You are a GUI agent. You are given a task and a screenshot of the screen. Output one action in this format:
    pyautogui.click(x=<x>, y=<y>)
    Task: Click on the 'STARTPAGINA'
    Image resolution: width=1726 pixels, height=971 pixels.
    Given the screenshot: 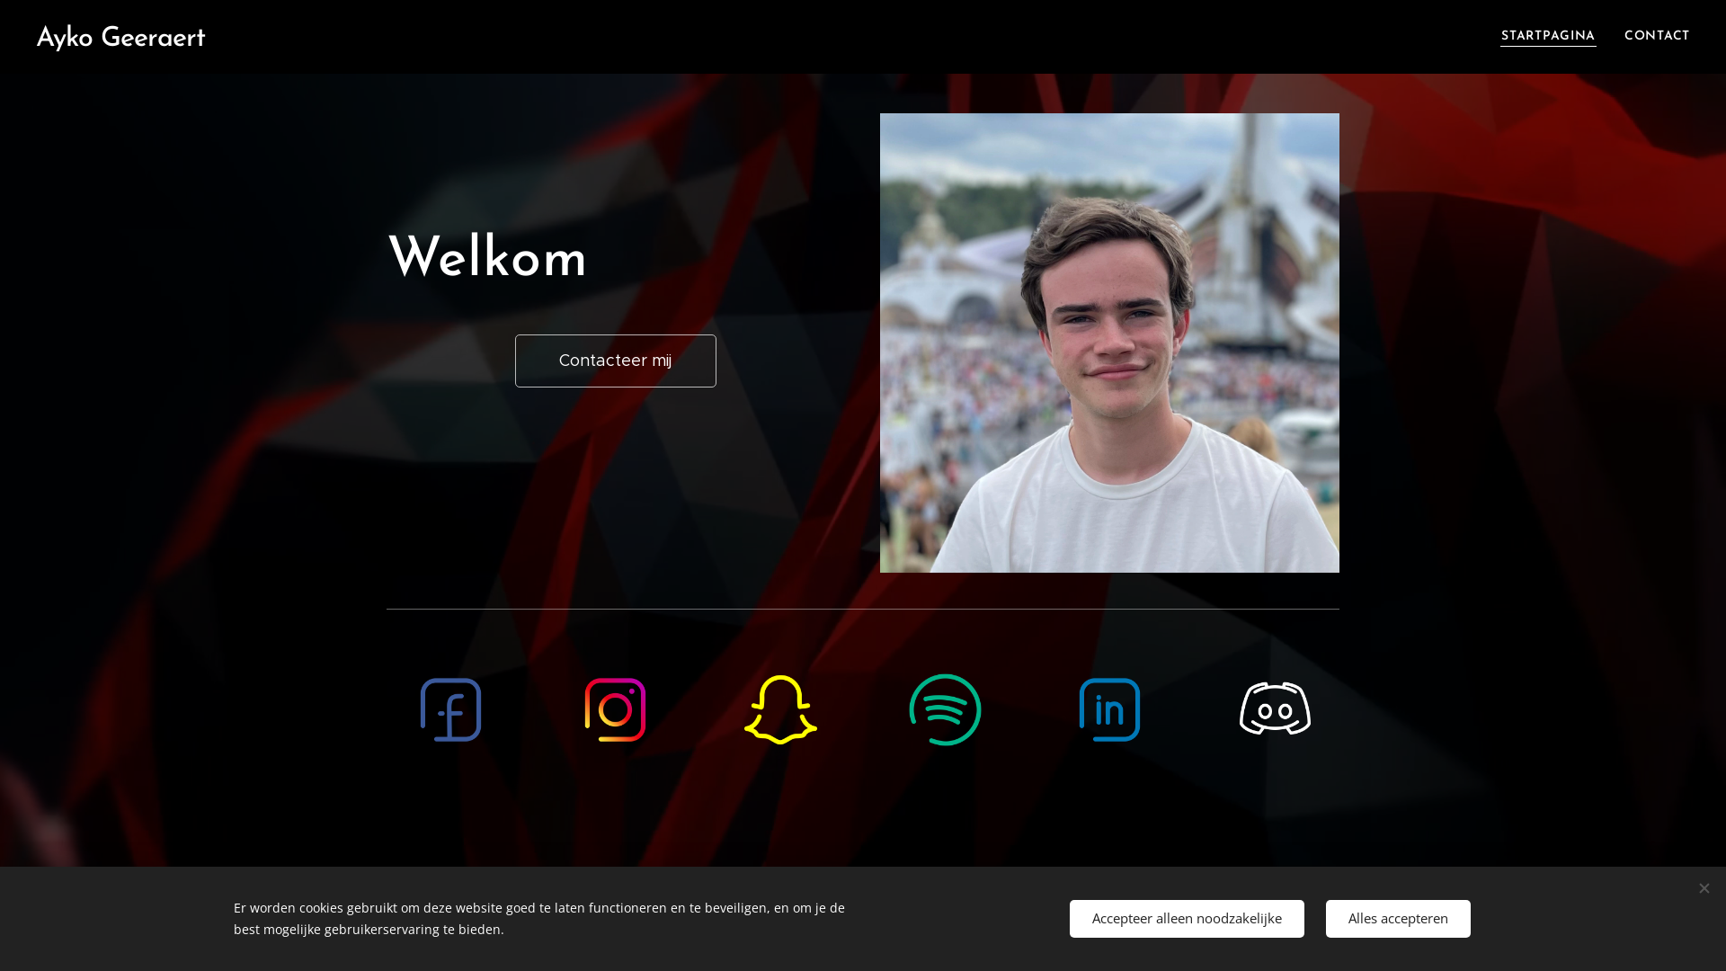 What is the action you would take?
    pyautogui.click(x=1553, y=37)
    